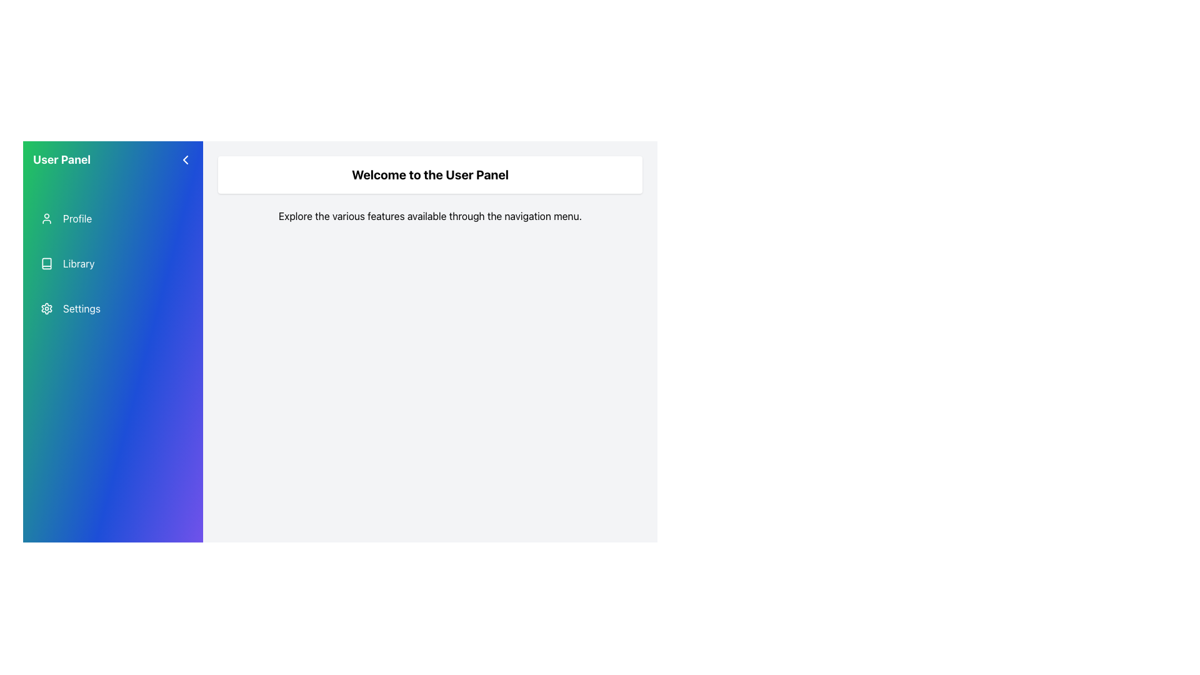  Describe the element at coordinates (61, 159) in the screenshot. I see `the text label that serves as the title for the navigation panel, located in the top-left corner of the side navigation panel` at that location.